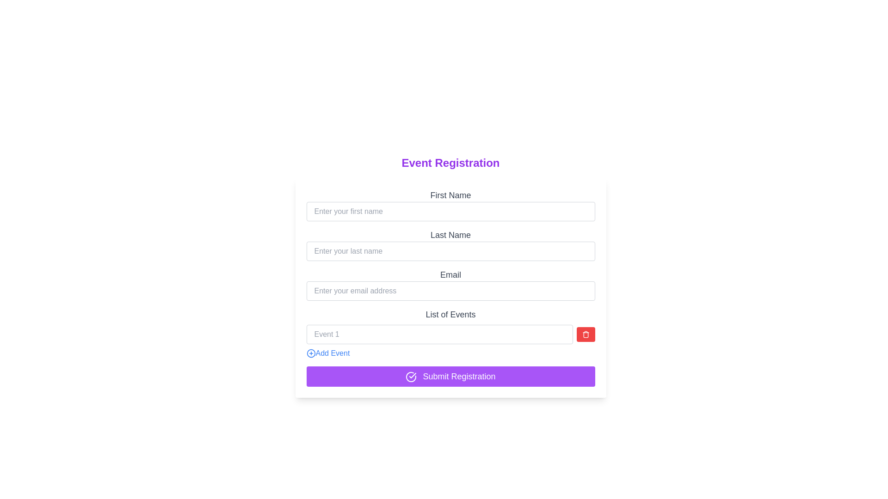 The image size is (888, 499). I want to click on the addition icon located below the 'List of Events' text input, next to the 'Add Event' label, so click(311, 353).